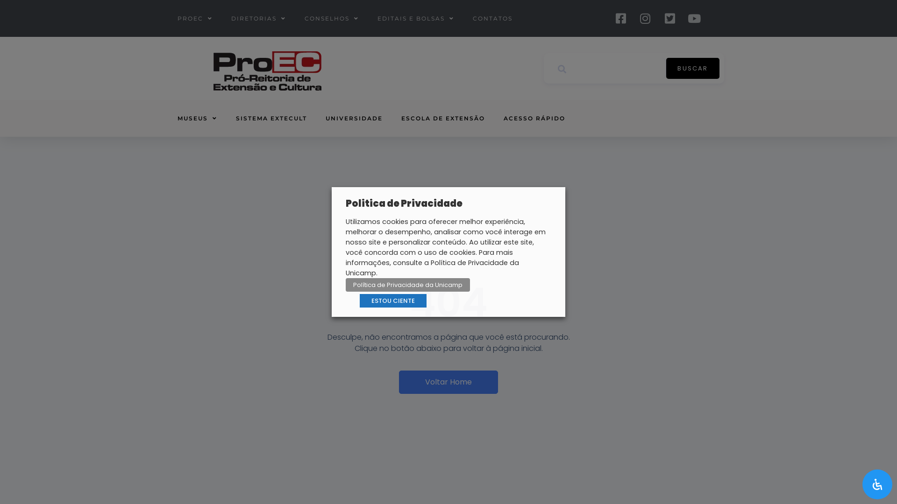 This screenshot has width=897, height=504. Describe the element at coordinates (693, 68) in the screenshot. I see `'BUSCAR'` at that location.